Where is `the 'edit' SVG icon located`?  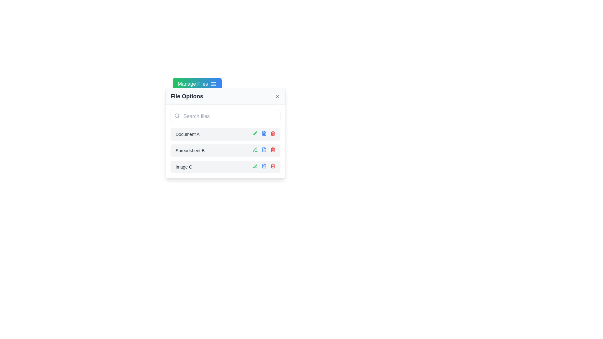 the 'edit' SVG icon located is located at coordinates (255, 133).